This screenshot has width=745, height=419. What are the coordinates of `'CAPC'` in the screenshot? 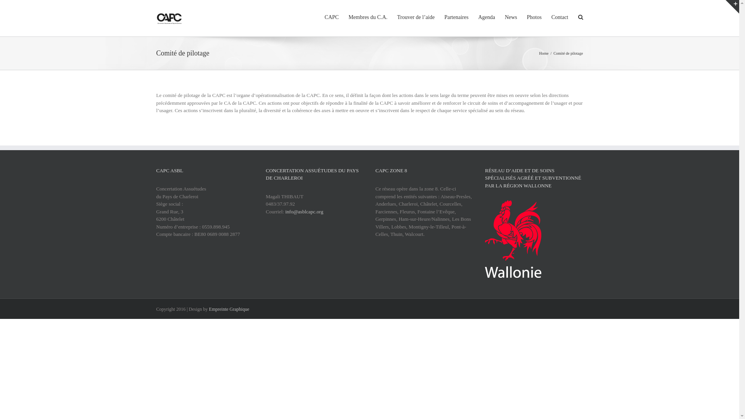 It's located at (332, 16).